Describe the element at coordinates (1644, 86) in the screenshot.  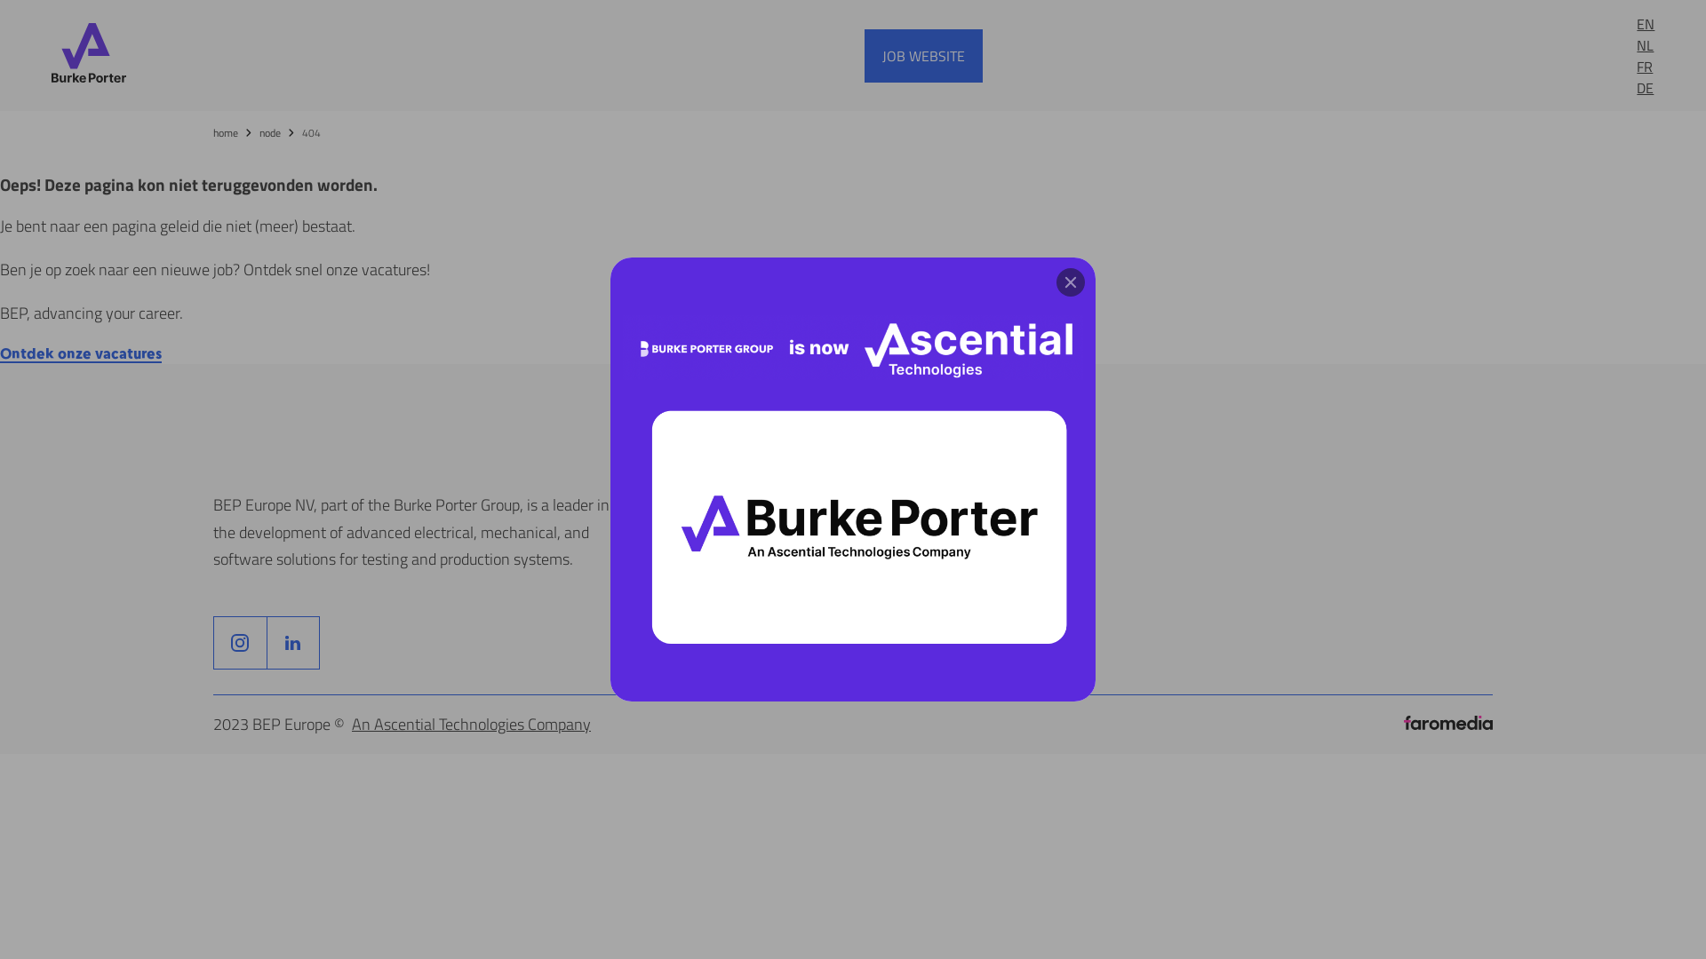
I see `'DE'` at that location.